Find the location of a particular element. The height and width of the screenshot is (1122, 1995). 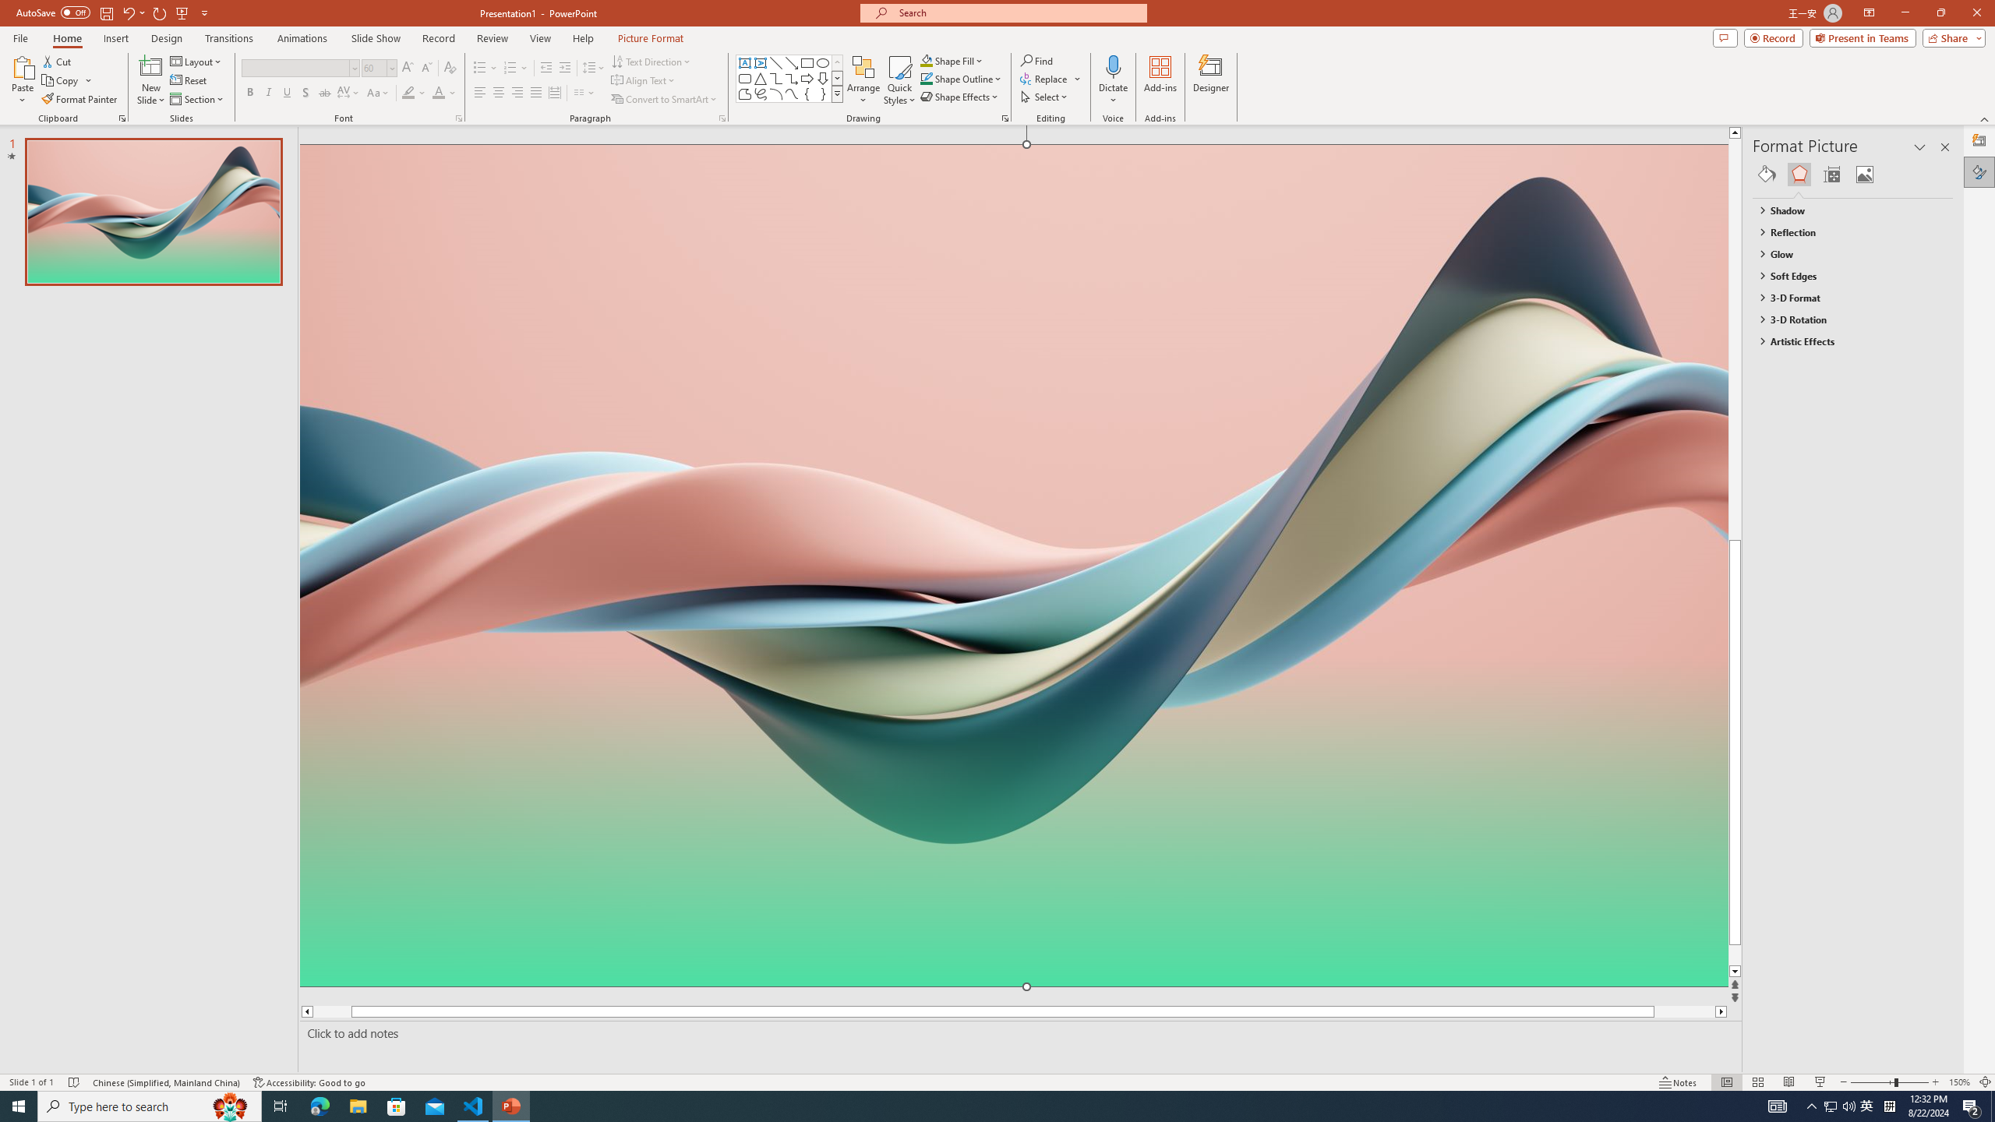

'Share' is located at coordinates (1950, 37).